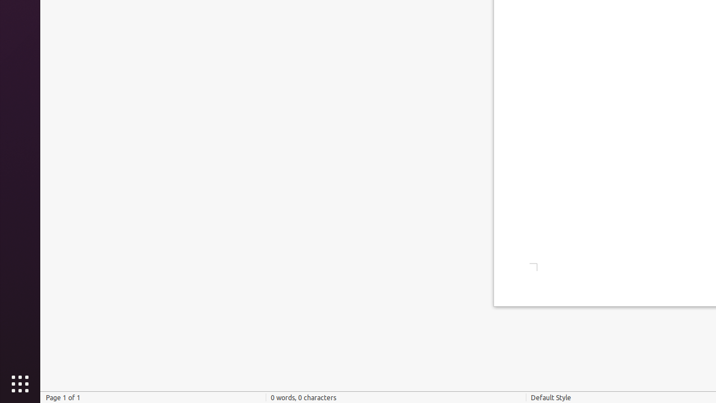  Describe the element at coordinates (20, 383) in the screenshot. I see `'Show Applications'` at that location.